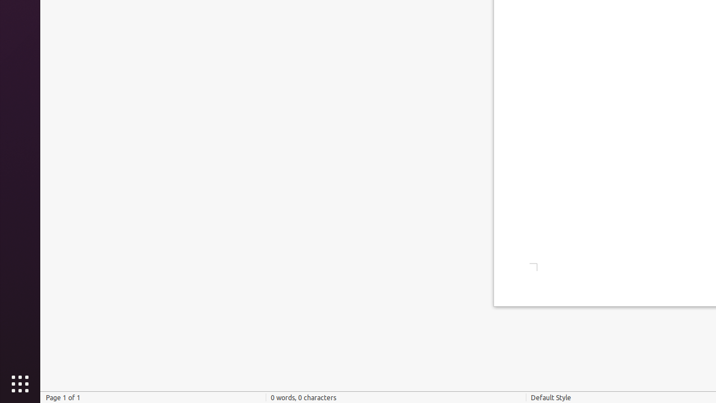  Describe the element at coordinates (20, 383) in the screenshot. I see `'Show Applications'` at that location.